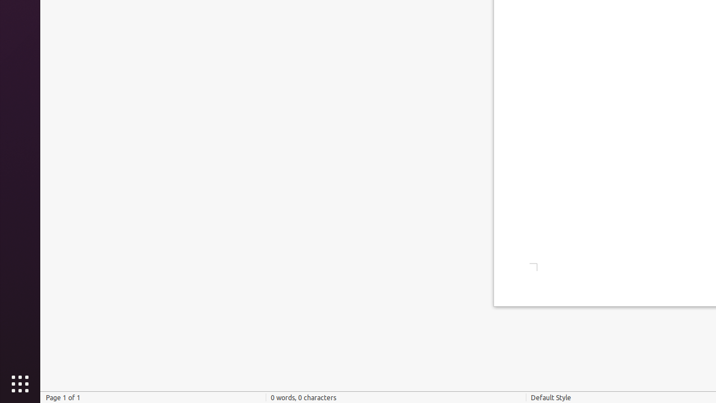  Describe the element at coordinates (20, 383) in the screenshot. I see `'Show Applications'` at that location.